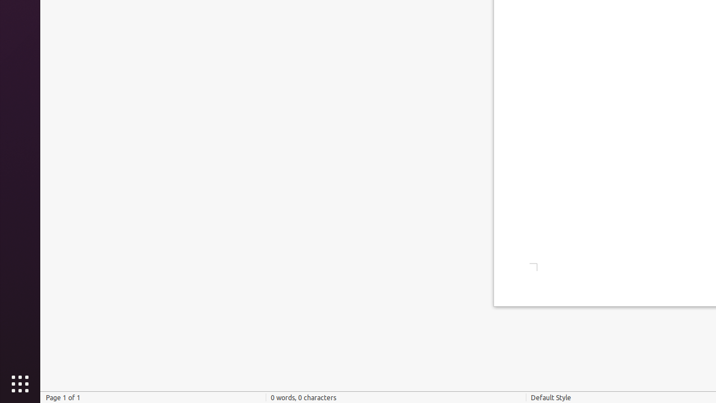  Describe the element at coordinates (20, 383) in the screenshot. I see `'Show Applications'` at that location.